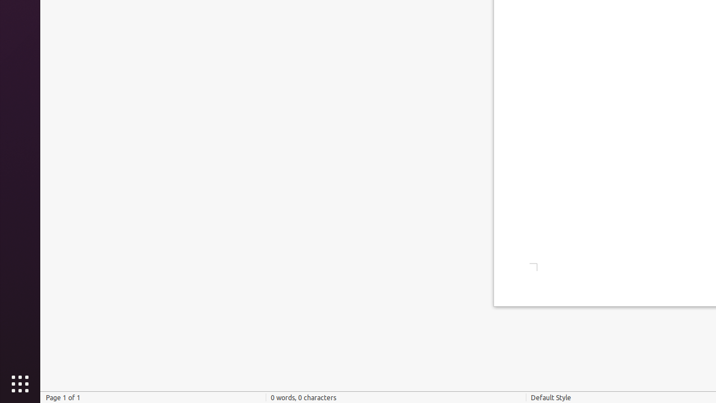  Describe the element at coordinates (20, 383) in the screenshot. I see `'Show Applications'` at that location.